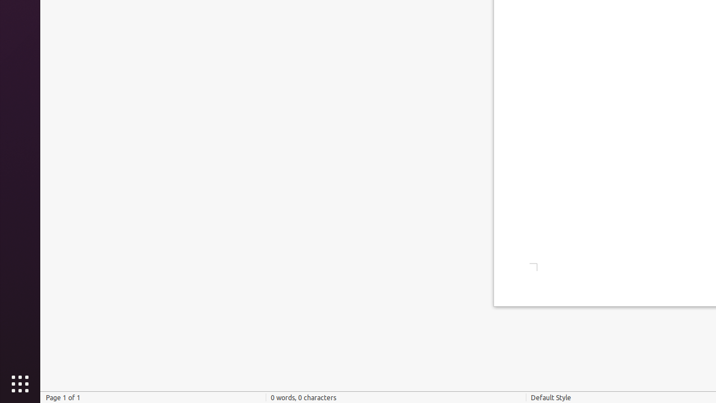  Describe the element at coordinates (20, 383) in the screenshot. I see `'Show Applications'` at that location.